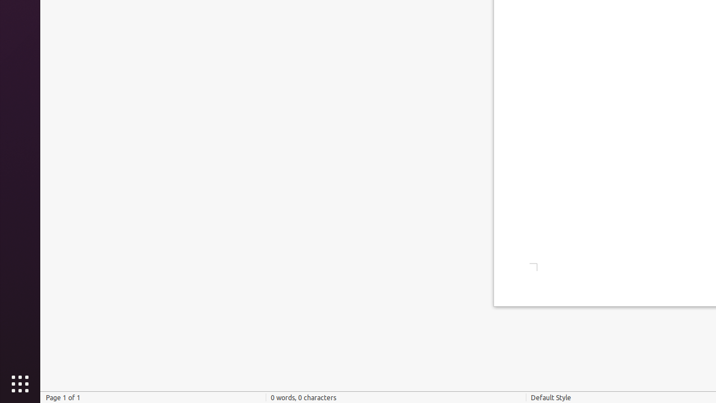  Describe the element at coordinates (20, 383) in the screenshot. I see `'Show Applications'` at that location.